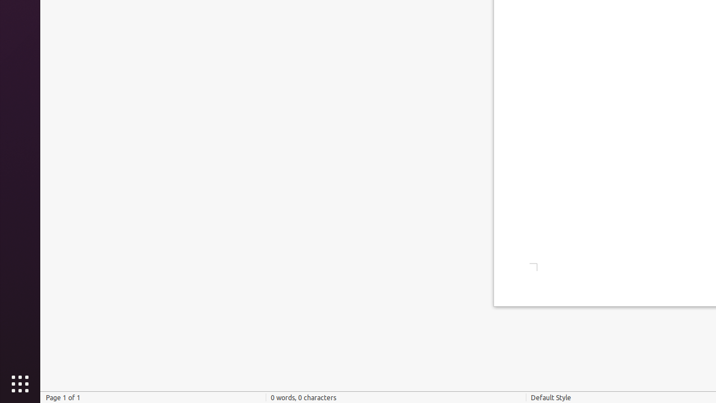  Describe the element at coordinates (20, 383) in the screenshot. I see `'Show Applications'` at that location.